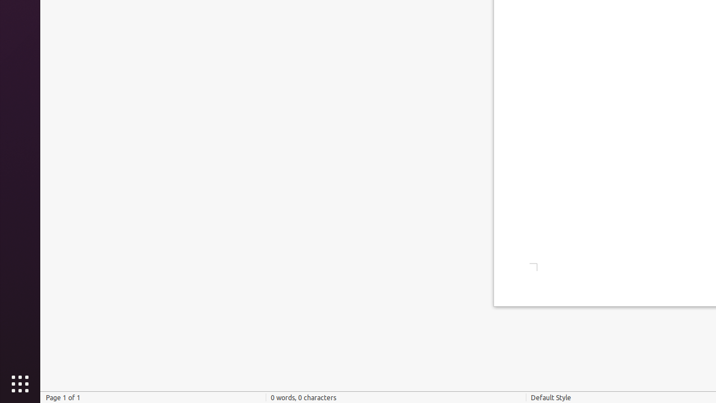  Describe the element at coordinates (20, 383) in the screenshot. I see `'Show Applications'` at that location.